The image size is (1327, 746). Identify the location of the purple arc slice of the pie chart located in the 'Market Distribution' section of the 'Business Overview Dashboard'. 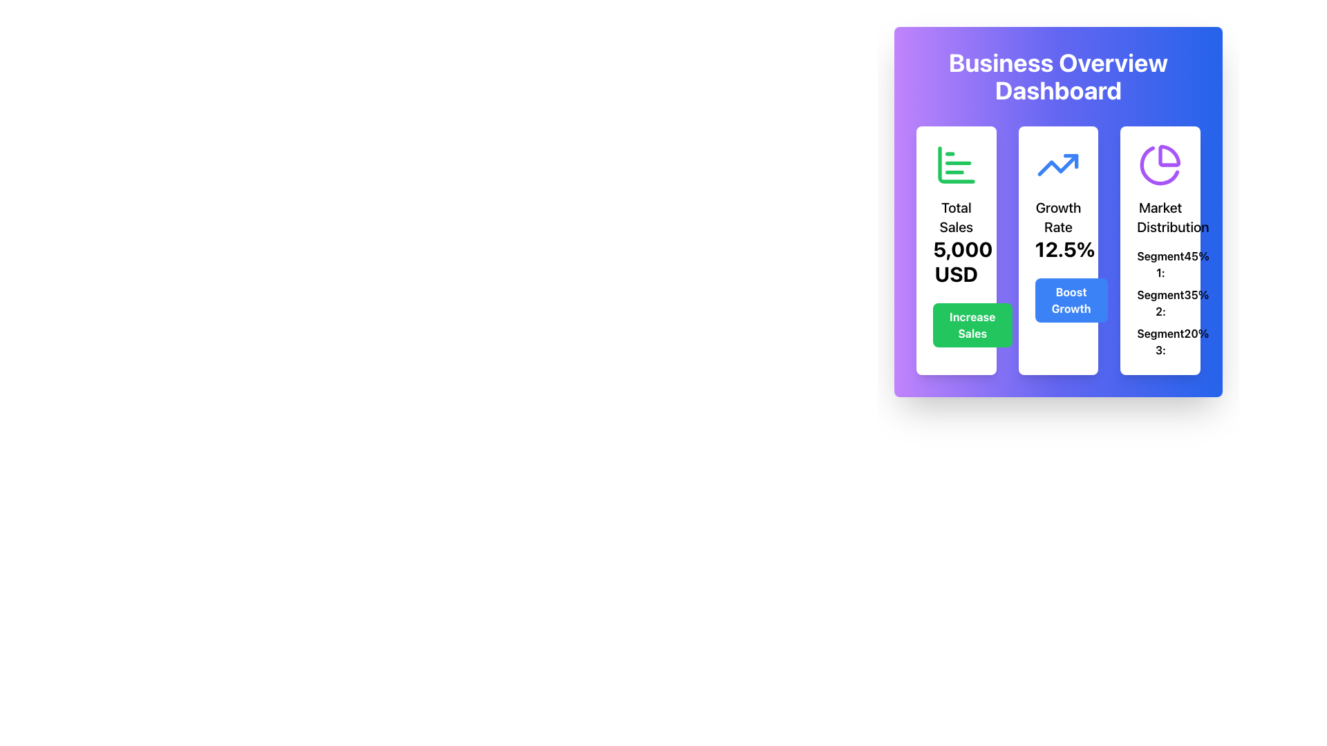
(1169, 155).